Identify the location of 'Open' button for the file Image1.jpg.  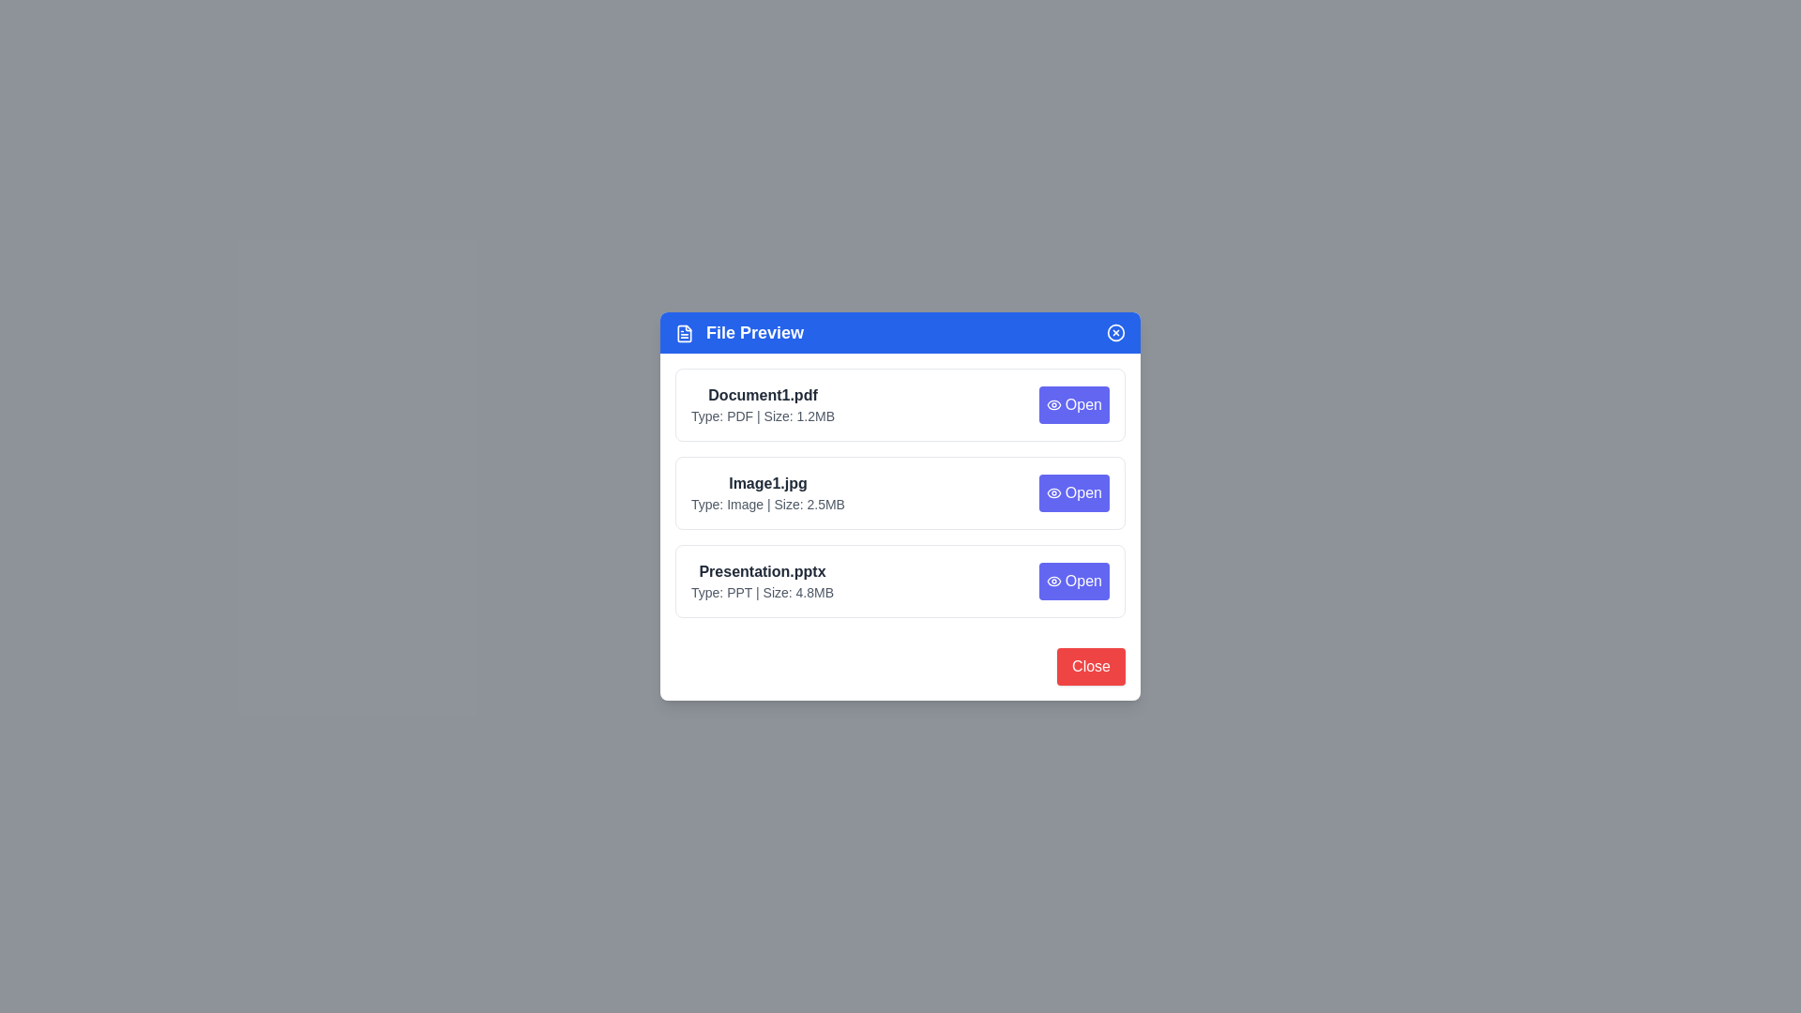
(1074, 491).